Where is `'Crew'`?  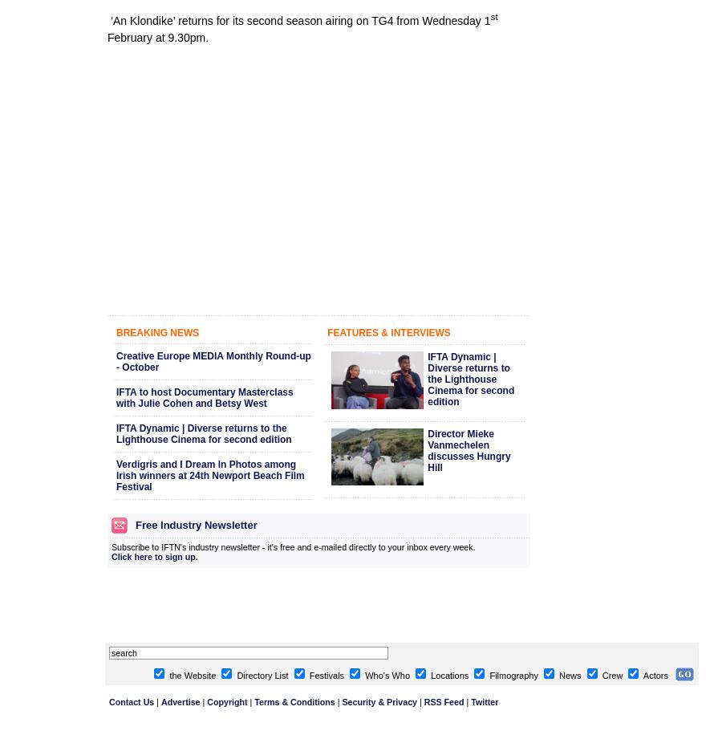 'Crew' is located at coordinates (611, 674).